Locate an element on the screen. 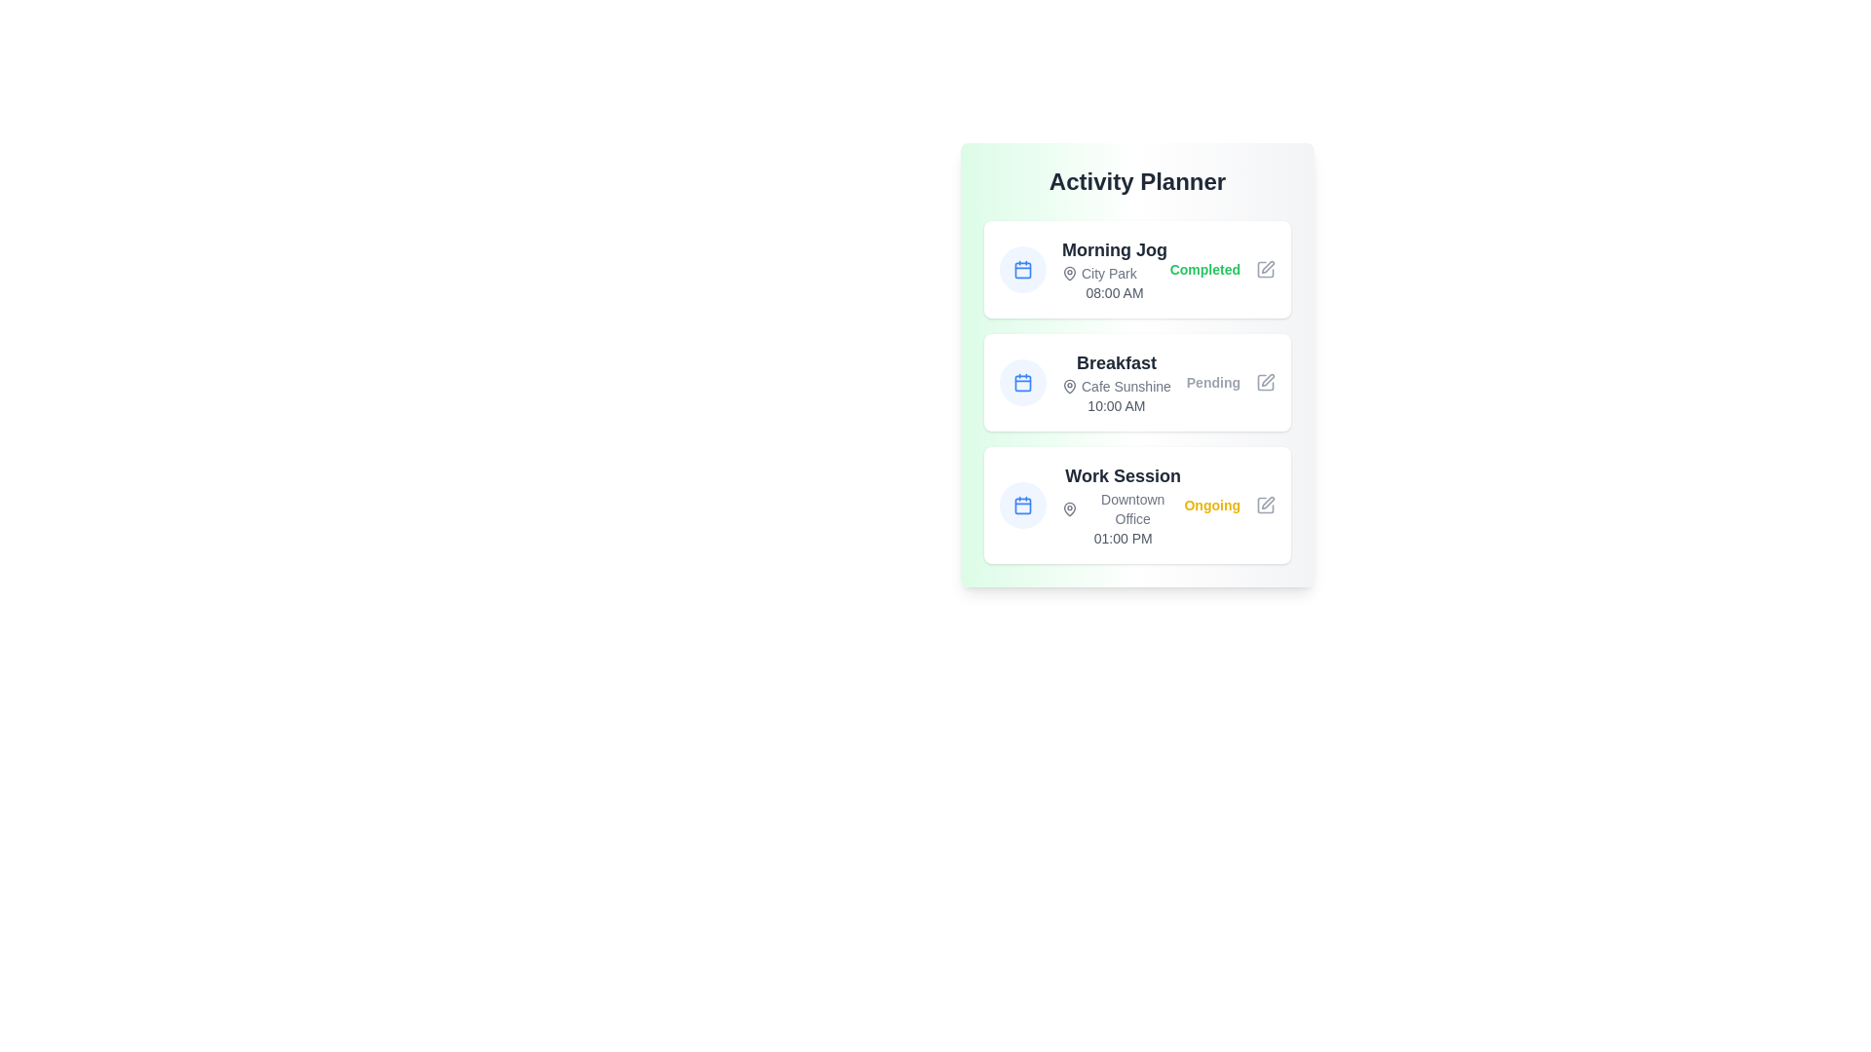  the Location marker icon that visually marks the associated location text 'City Park' within the 'Morning Jog' planner entry is located at coordinates (1069, 274).